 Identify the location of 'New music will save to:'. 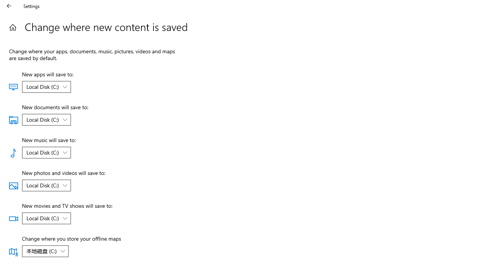
(46, 152).